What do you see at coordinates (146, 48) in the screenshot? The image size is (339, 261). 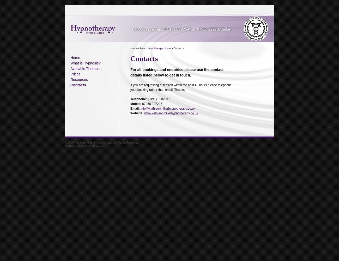 I see `'Hypnotherapy Home'` at bounding box center [146, 48].